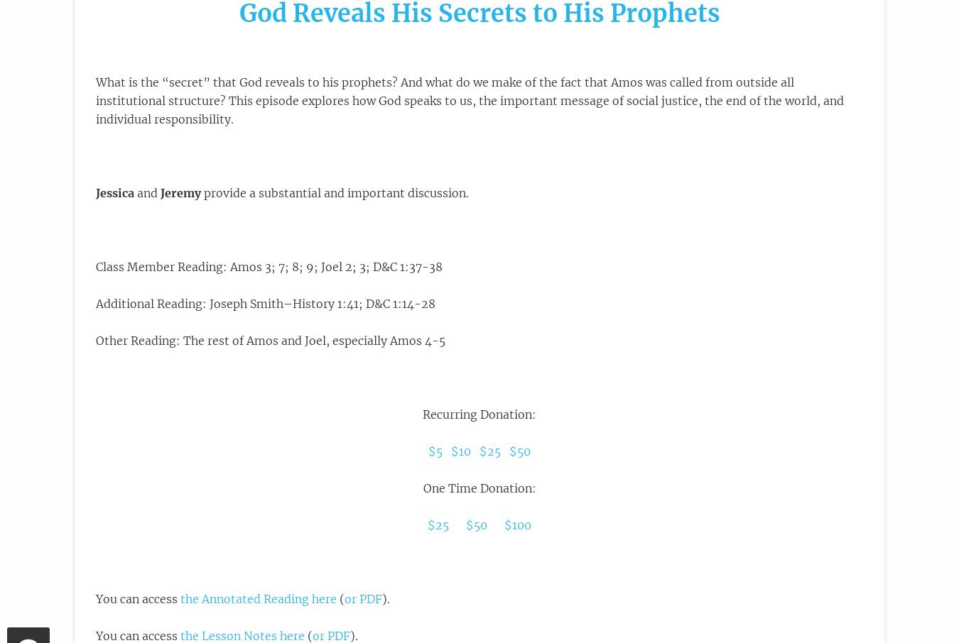 This screenshot has width=959, height=643. Describe the element at coordinates (269, 265) in the screenshot. I see `'Class Member Reading: Amos 3; 7; 8; 9; Joel 2; 3; D&C 1:37-38'` at that location.